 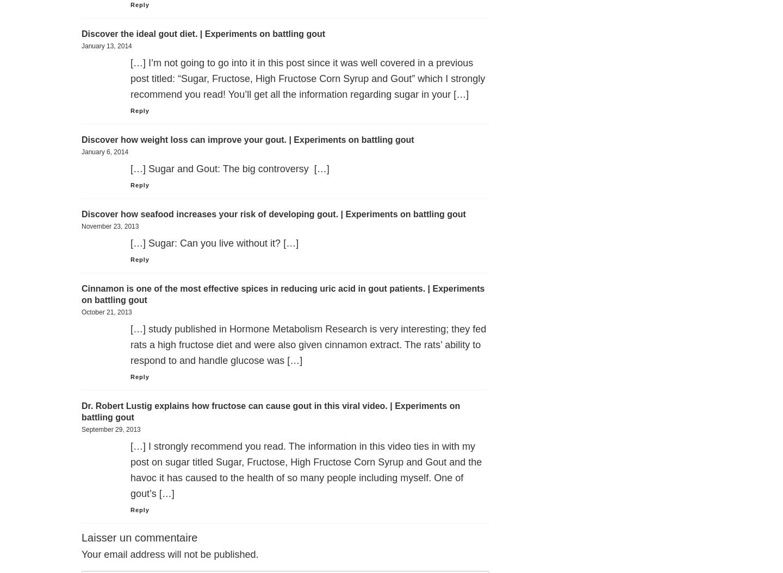 I want to click on 'January 6, 2014', so click(x=104, y=152).